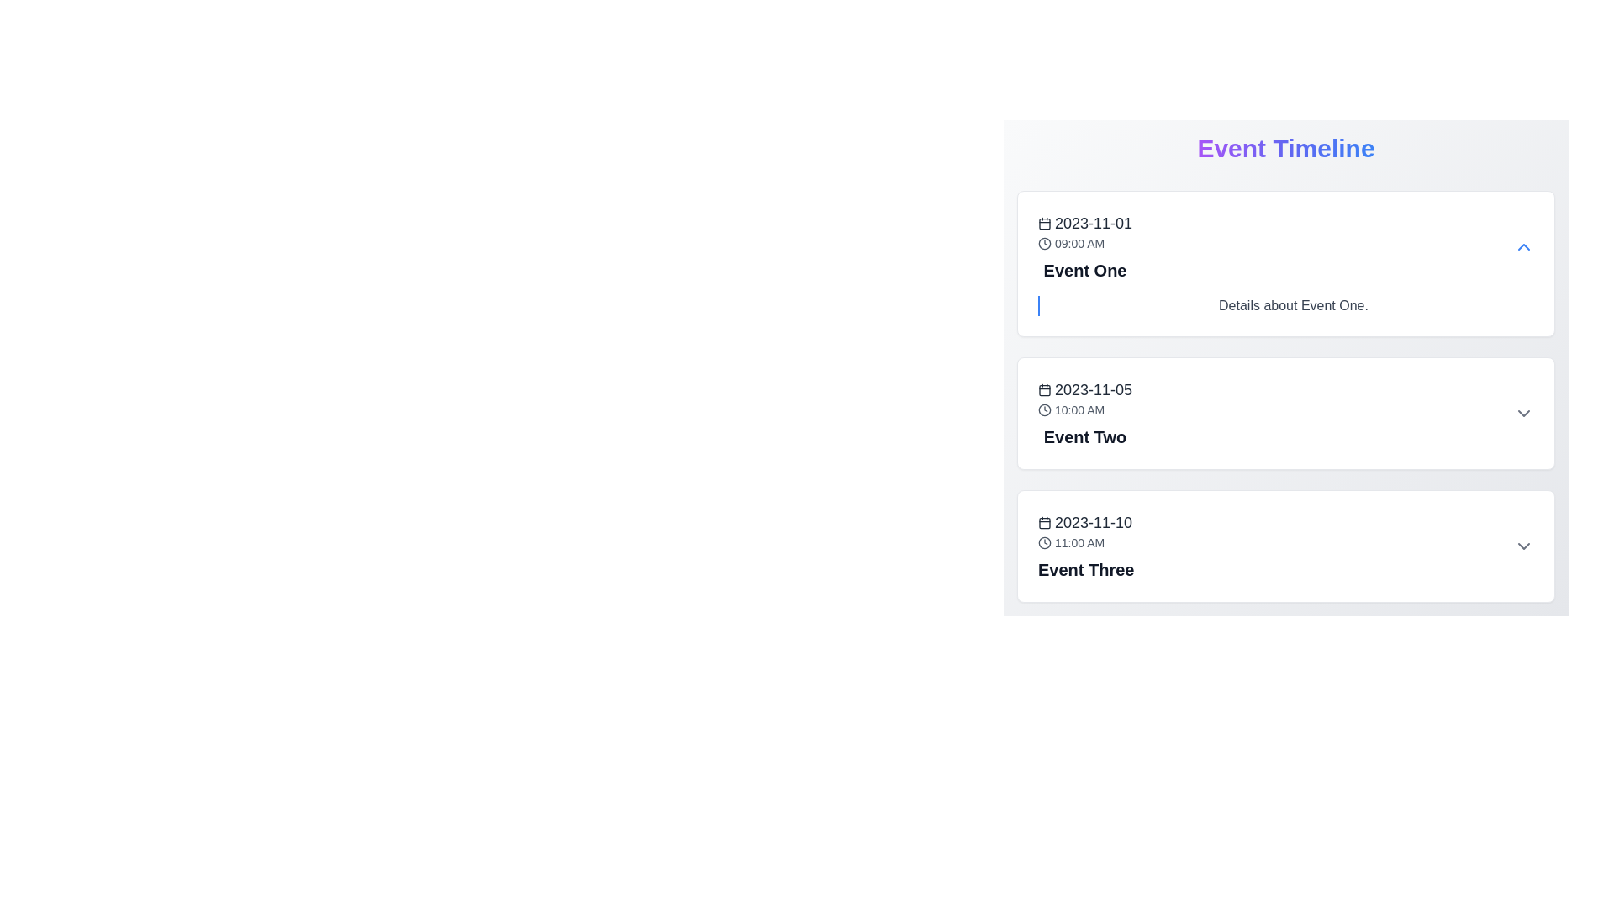  Describe the element at coordinates (1086, 546) in the screenshot. I see `on the event entry labeled 'Event Three' which displays the date '2023-11-10' and time '11:00 AM' in the event timeline` at that location.